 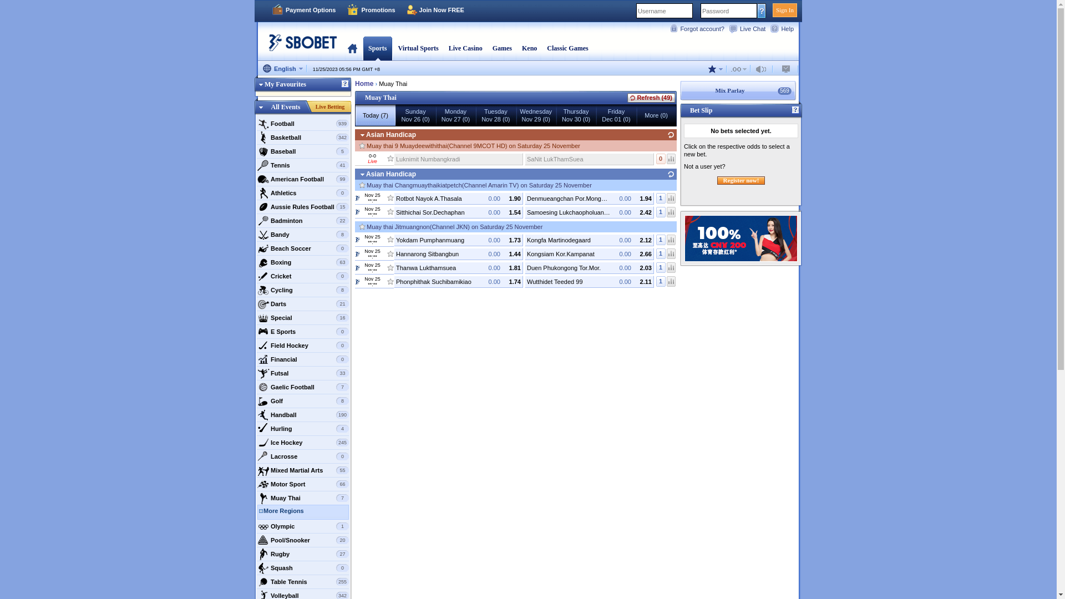 I want to click on 'Register now!', so click(x=717, y=180).